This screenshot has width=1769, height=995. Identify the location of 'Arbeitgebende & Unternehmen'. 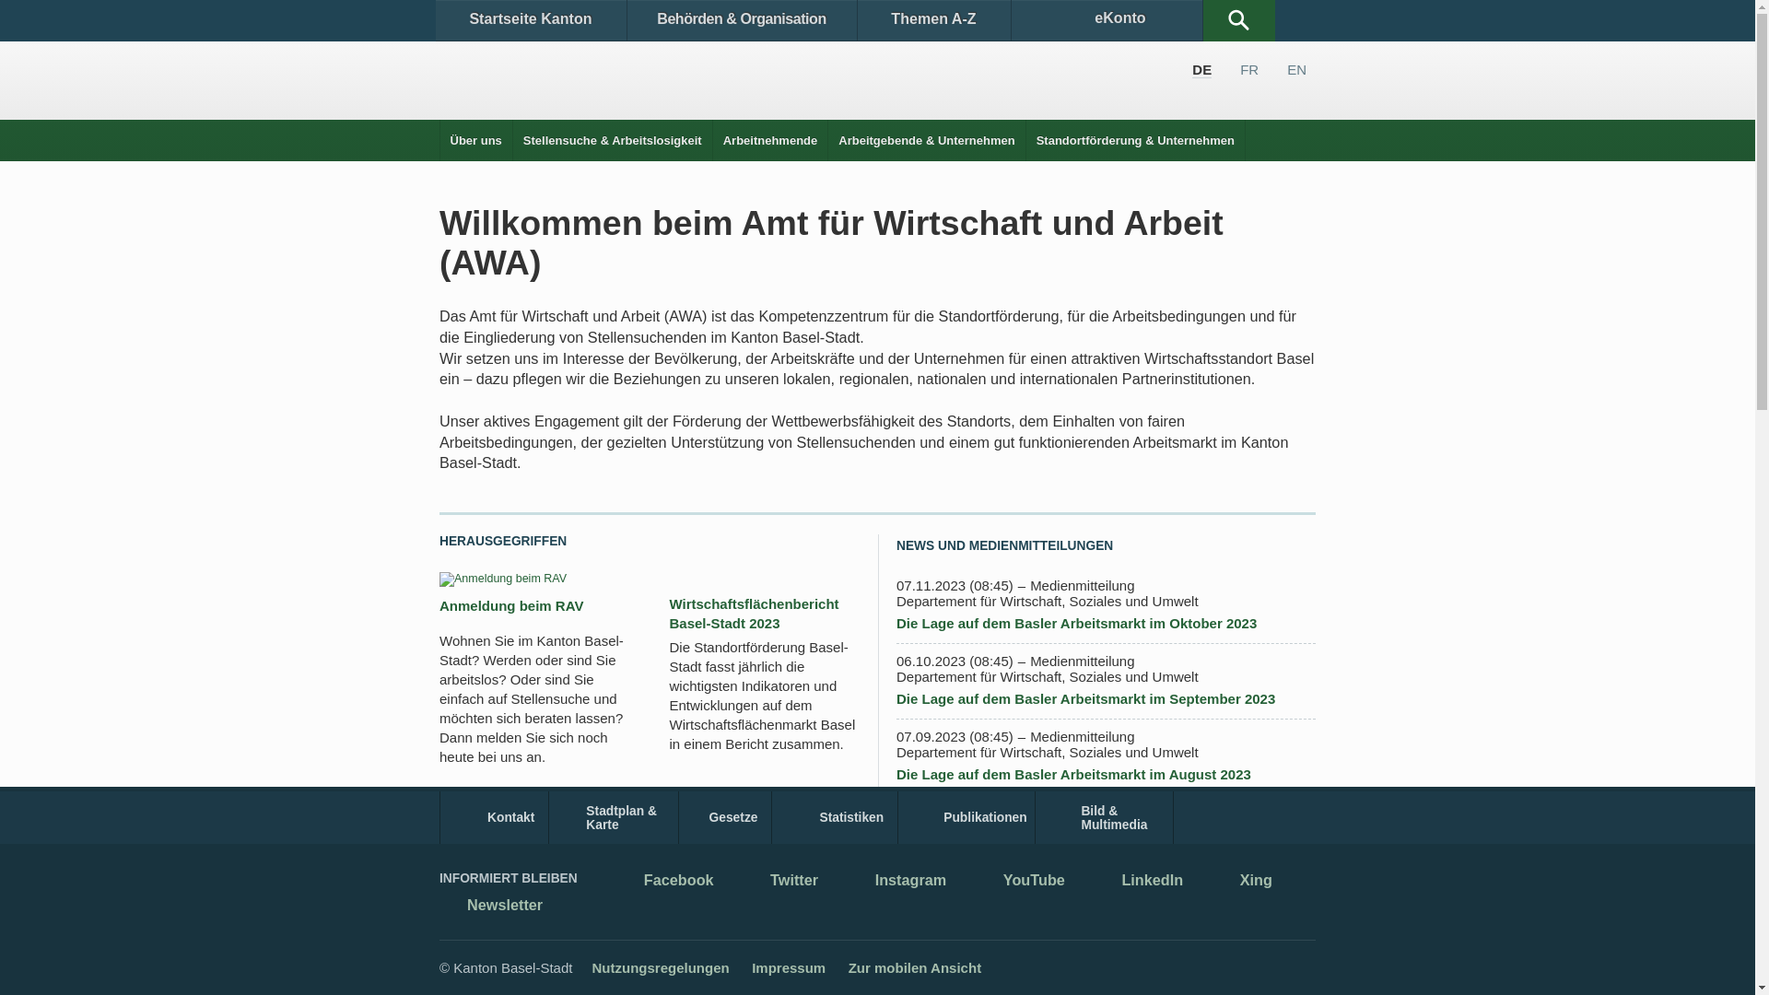
(926, 139).